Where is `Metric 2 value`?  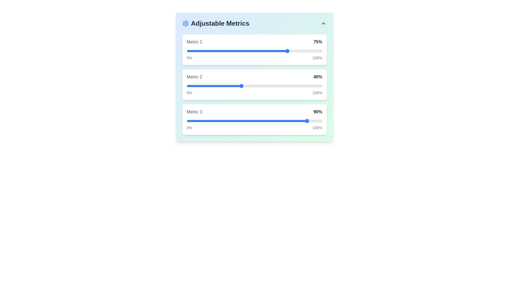 Metric 2 value is located at coordinates (315, 86).